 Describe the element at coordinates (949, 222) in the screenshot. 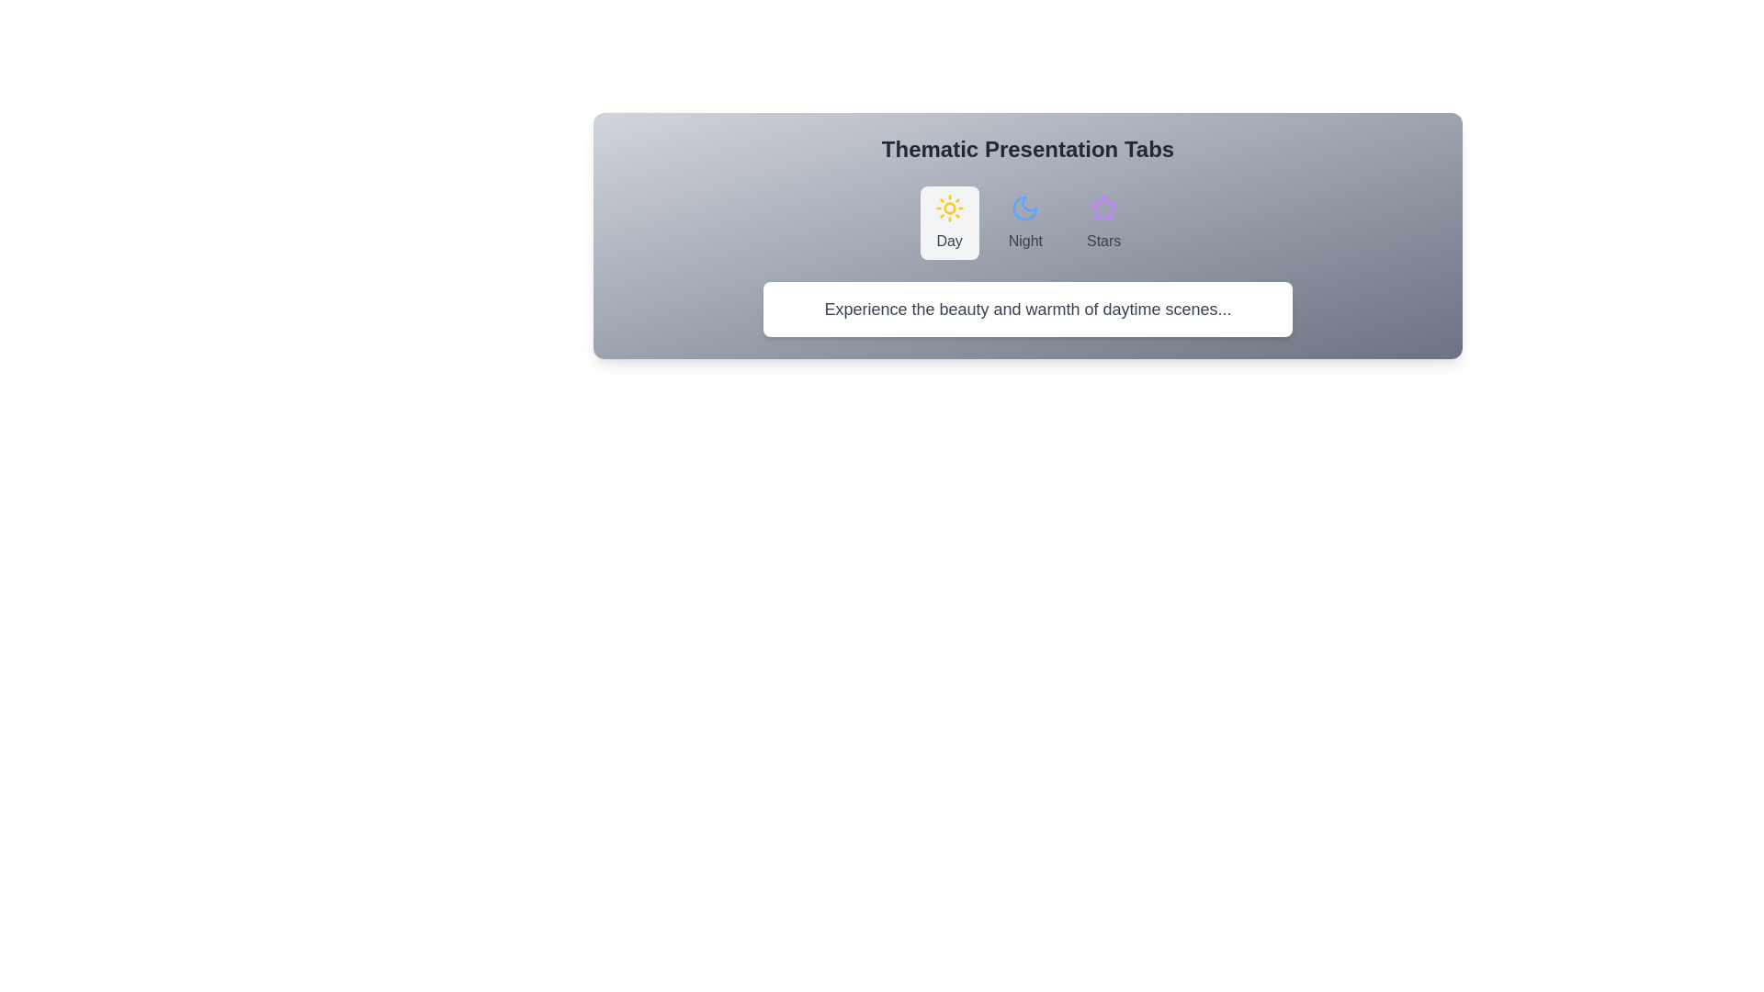

I see `the tab labeled Day` at that location.